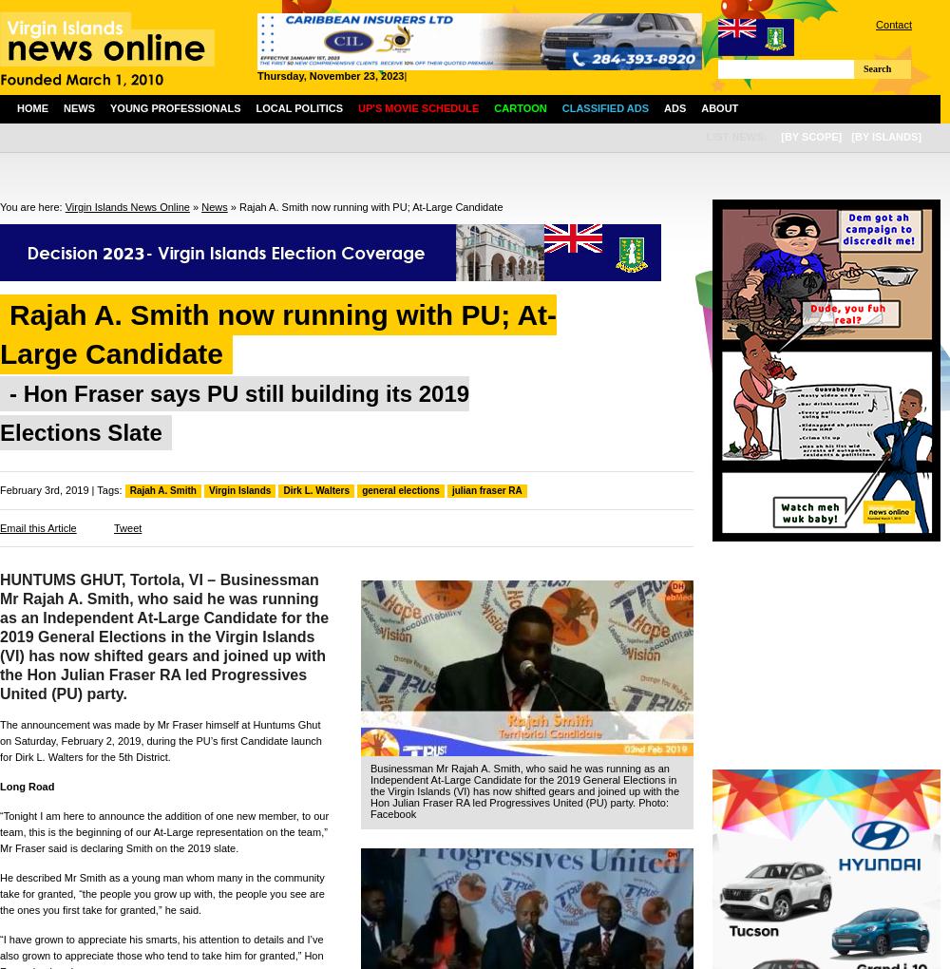  What do you see at coordinates (161, 739) in the screenshot?
I see `'The announcement was made by Mr Fraser himself at Huntums Ghut on Saturday, February 2, 2019, during the PU’s first Candidate launch for Dirk L. Walters for the 5th District.'` at bounding box center [161, 739].